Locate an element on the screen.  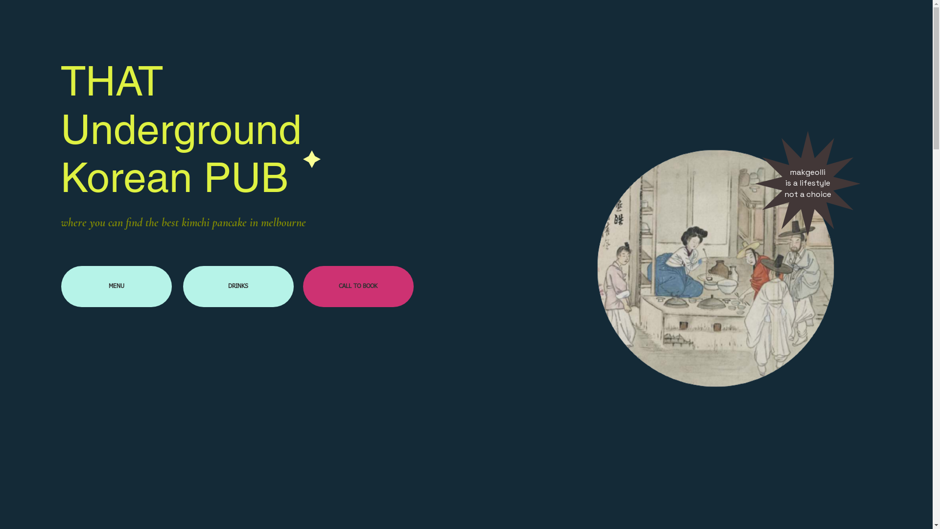
'DRINKS' is located at coordinates (238, 287).